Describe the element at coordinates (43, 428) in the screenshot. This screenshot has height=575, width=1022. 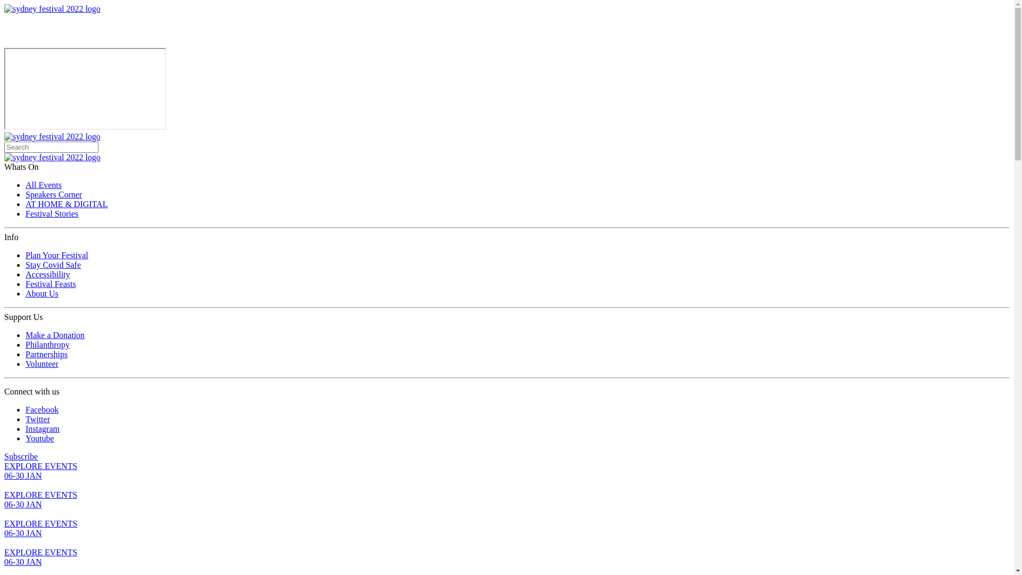
I see `'Instagram'` at that location.